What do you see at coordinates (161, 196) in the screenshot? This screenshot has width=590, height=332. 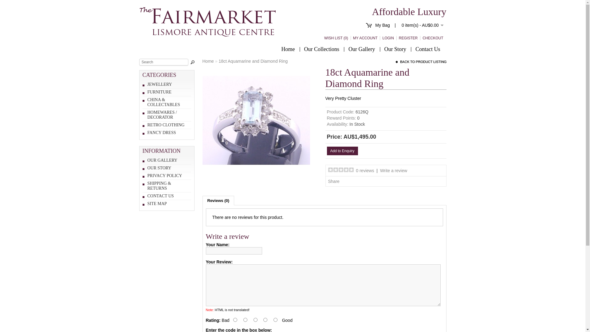 I see `'CONTACT US'` at bounding box center [161, 196].